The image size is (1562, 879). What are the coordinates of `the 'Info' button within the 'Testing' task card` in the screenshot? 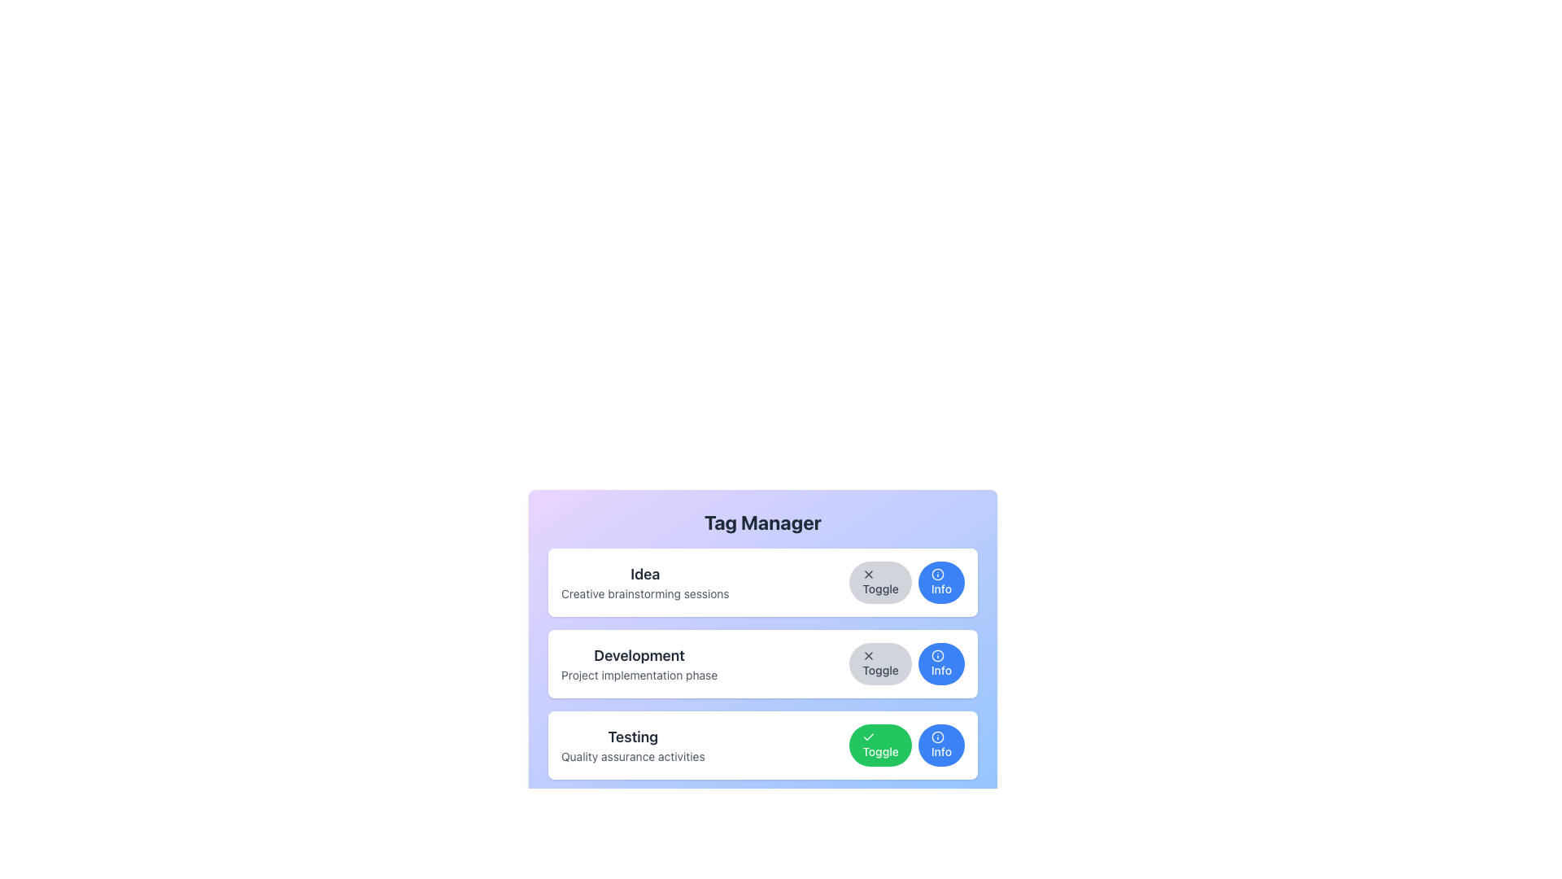 It's located at (761, 745).